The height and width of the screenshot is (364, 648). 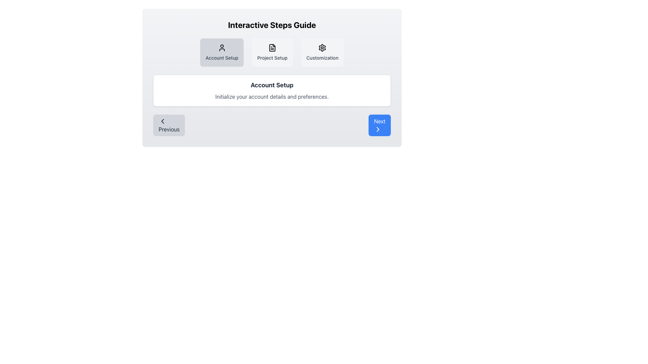 I want to click on the first selectable option for 'Account Setup' located in the top-central part of the interface, so click(x=222, y=52).